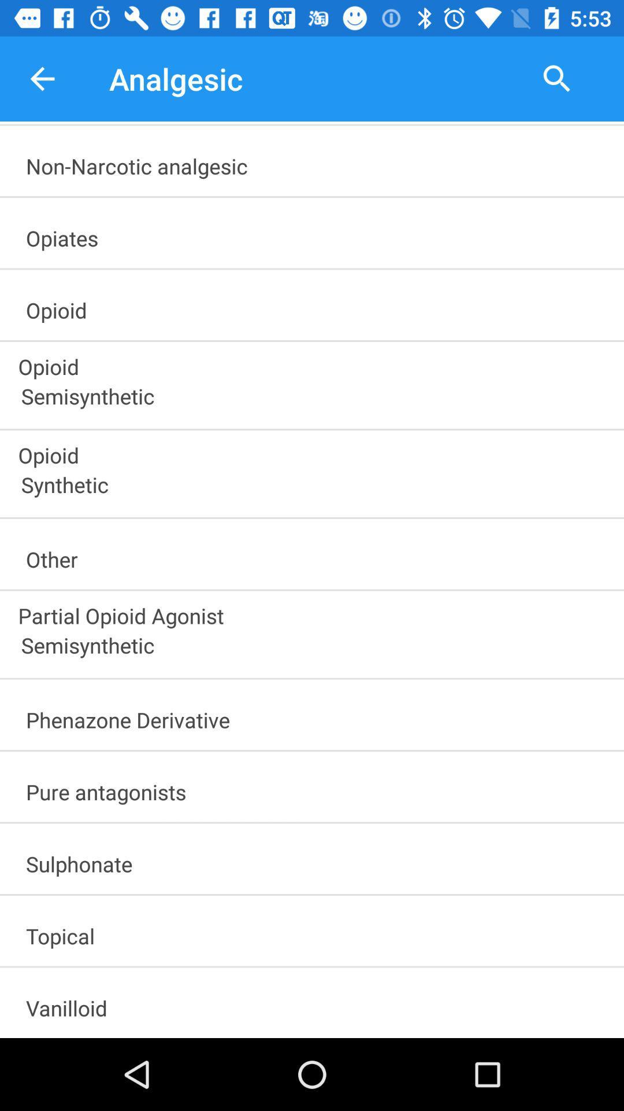 The width and height of the screenshot is (624, 1111). I want to click on other icon, so click(317, 555).